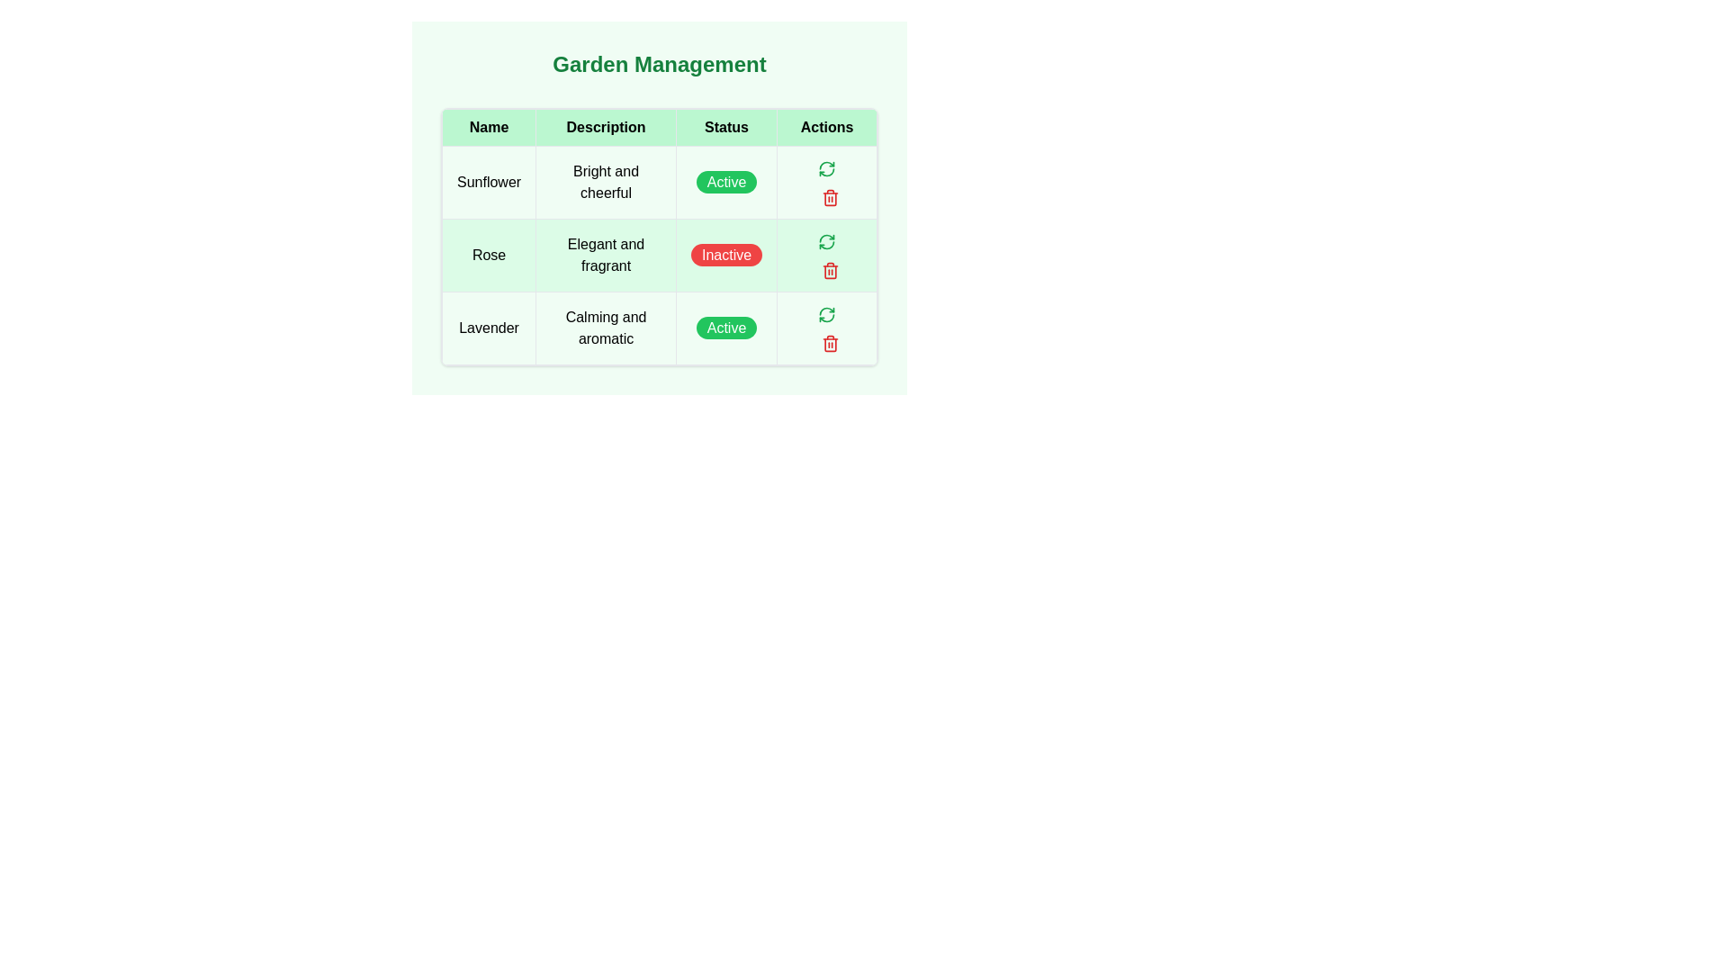 This screenshot has width=1728, height=972. I want to click on the delete icon resembling a red trash can located in the 'Actions' column of the second row next to 'Inactive' for the entry 'Rose', so click(830, 270).